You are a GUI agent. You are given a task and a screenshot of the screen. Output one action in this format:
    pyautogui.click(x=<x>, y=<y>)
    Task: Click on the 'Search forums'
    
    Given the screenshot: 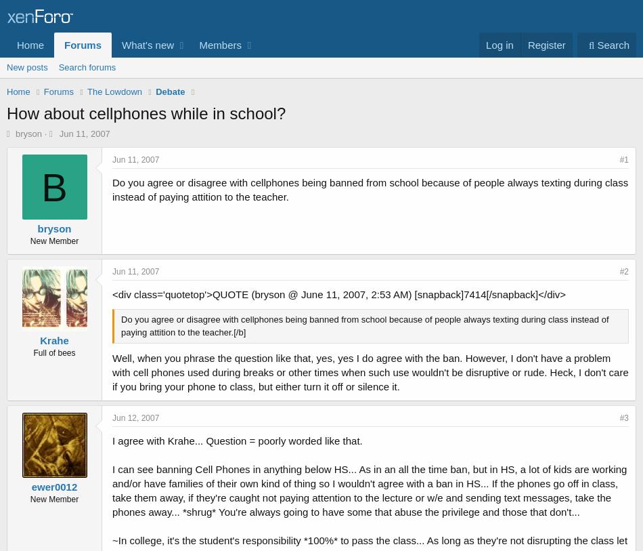 What is the action you would take?
    pyautogui.click(x=87, y=66)
    